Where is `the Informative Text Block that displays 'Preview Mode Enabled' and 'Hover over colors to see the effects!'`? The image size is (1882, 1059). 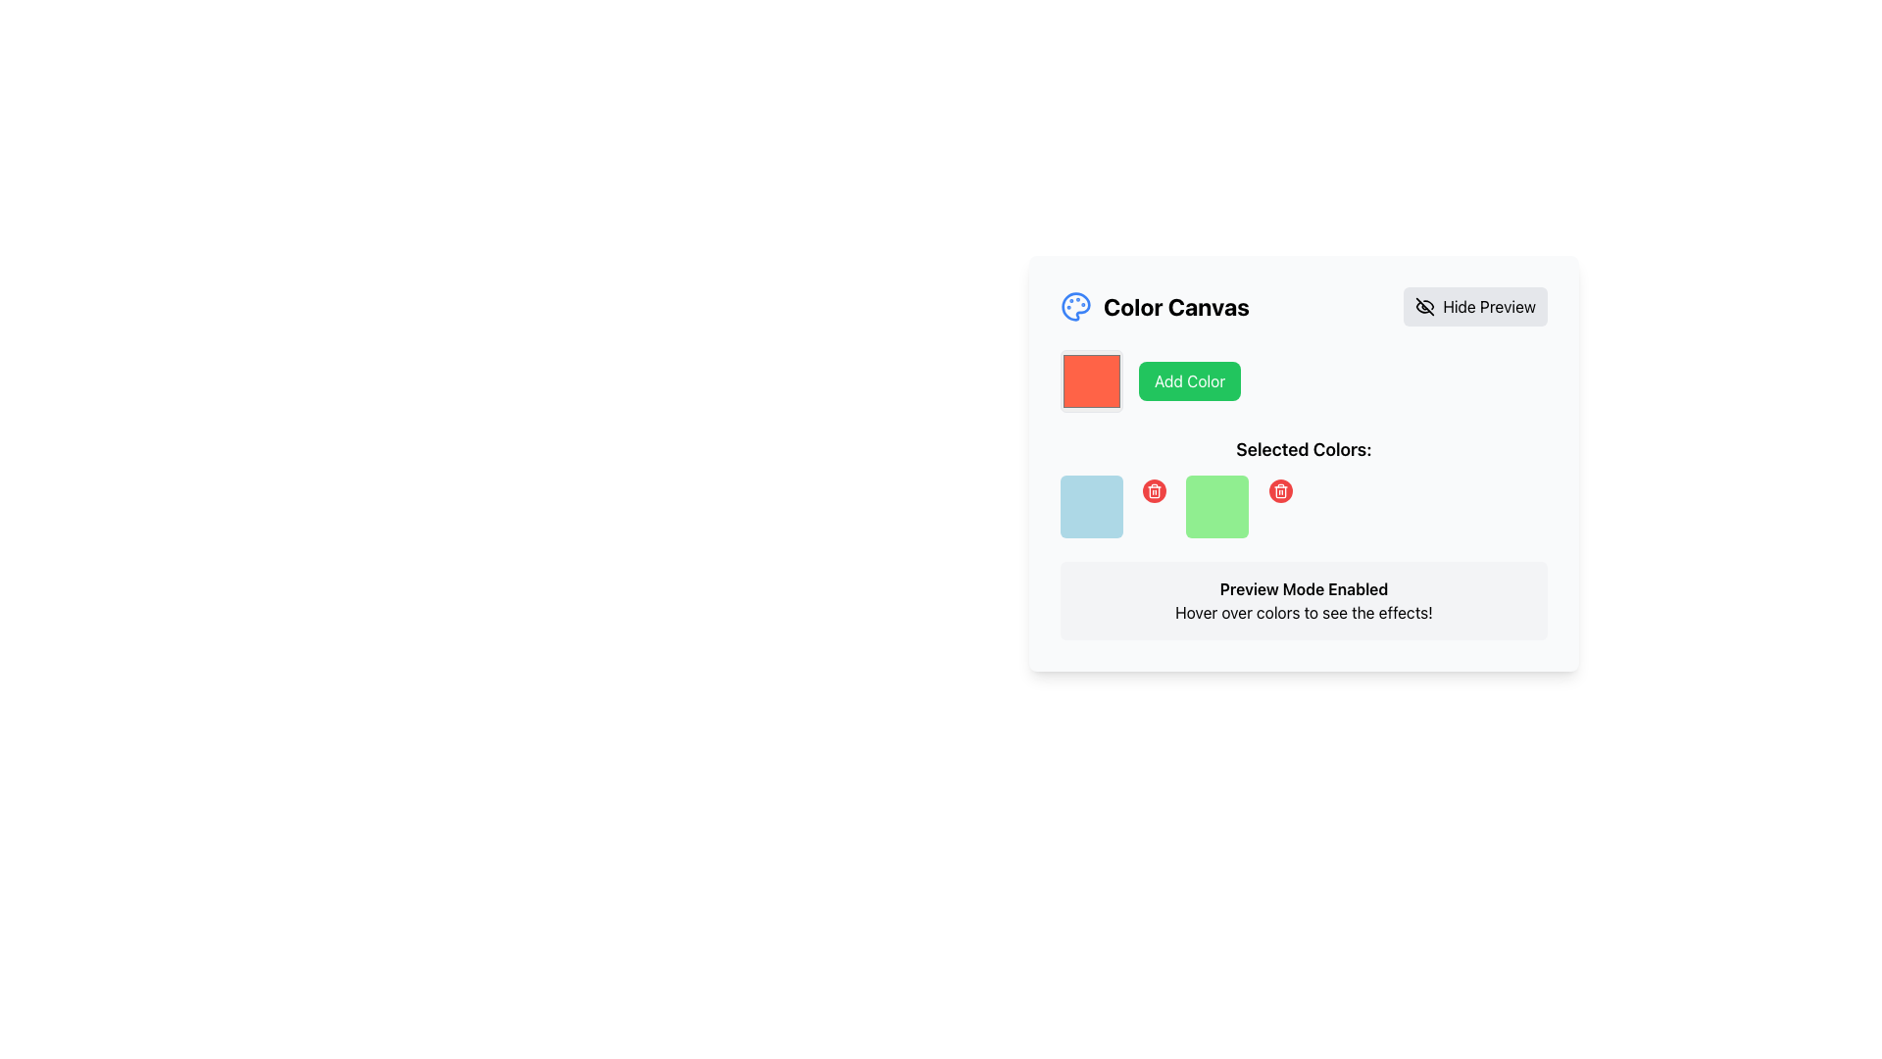
the Informative Text Block that displays 'Preview Mode Enabled' and 'Hover over colors to see the effects!' is located at coordinates (1304, 600).